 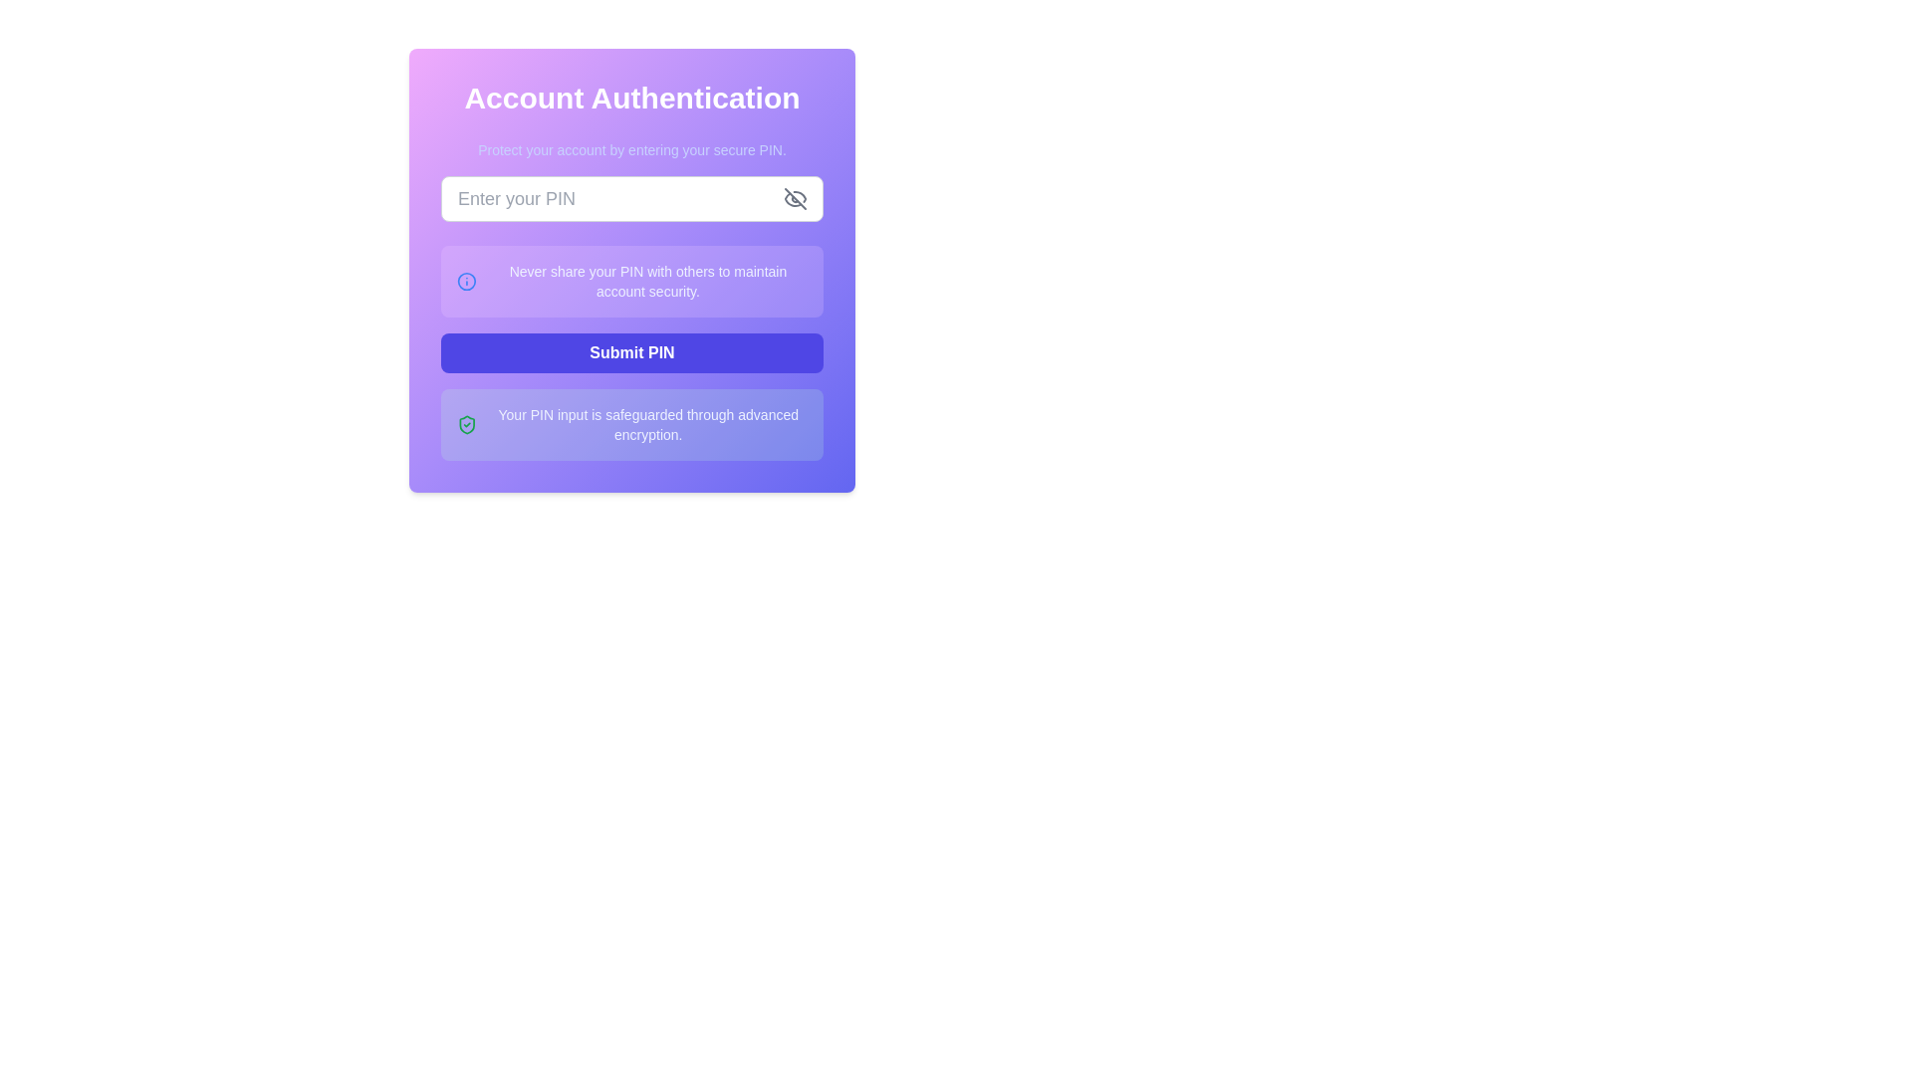 What do you see at coordinates (630, 281) in the screenshot?
I see `the informational text block with a light fuchsia background that contains an information icon and the text 'Never share your PIN with others to maintain account security'` at bounding box center [630, 281].